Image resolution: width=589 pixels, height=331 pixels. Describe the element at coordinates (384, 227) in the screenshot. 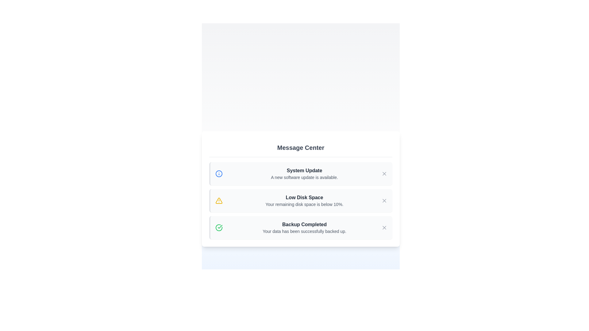

I see `the close button located at the top-right corner of the 'Backup Completed' notification card` at that location.